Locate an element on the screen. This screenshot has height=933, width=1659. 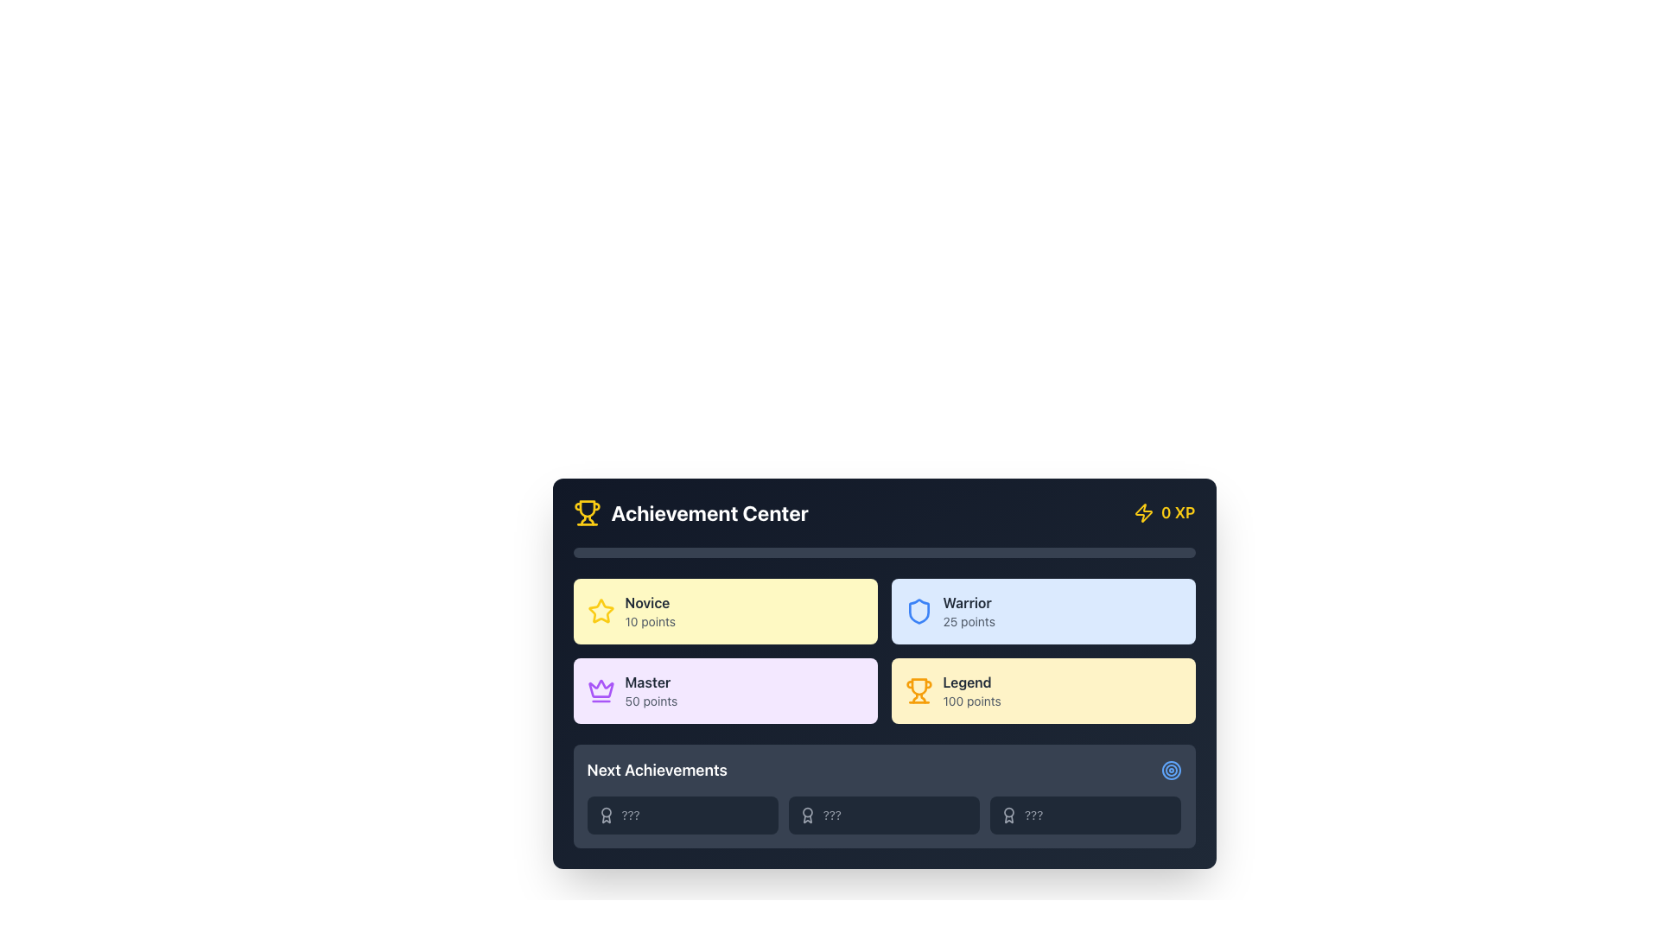
the static text display representing the achievement level 'Master' with a score of 50 points, located in the bottom-left quadrant of the main achievement grid is located at coordinates (650, 689).